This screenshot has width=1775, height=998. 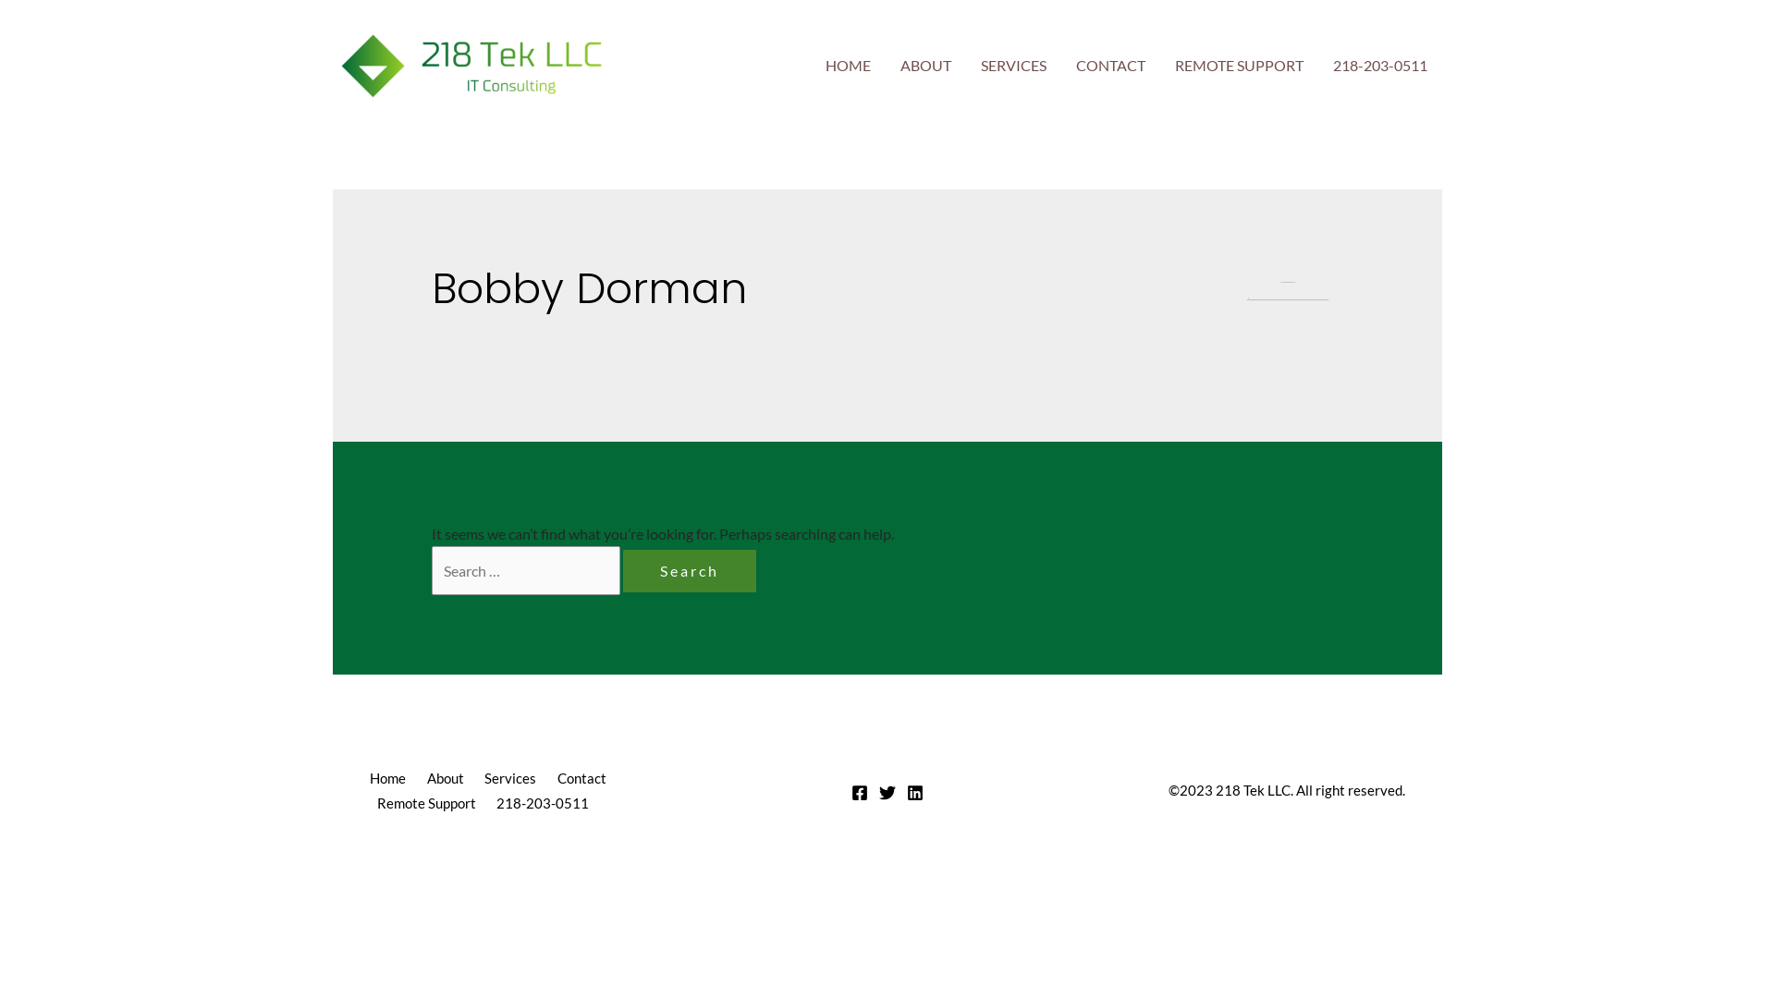 I want to click on 'ABOUT', so click(x=925, y=63).